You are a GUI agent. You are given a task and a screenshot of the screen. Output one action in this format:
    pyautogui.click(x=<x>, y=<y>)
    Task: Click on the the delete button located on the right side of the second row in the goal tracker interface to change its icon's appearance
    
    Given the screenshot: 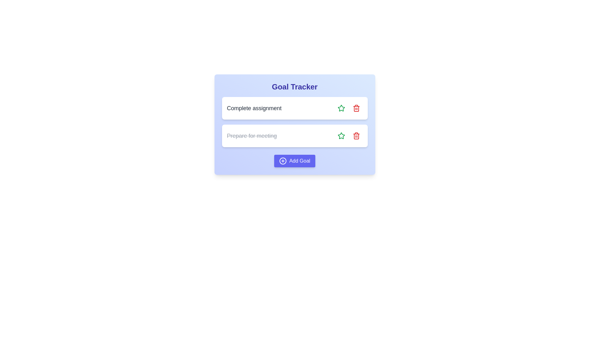 What is the action you would take?
    pyautogui.click(x=356, y=135)
    